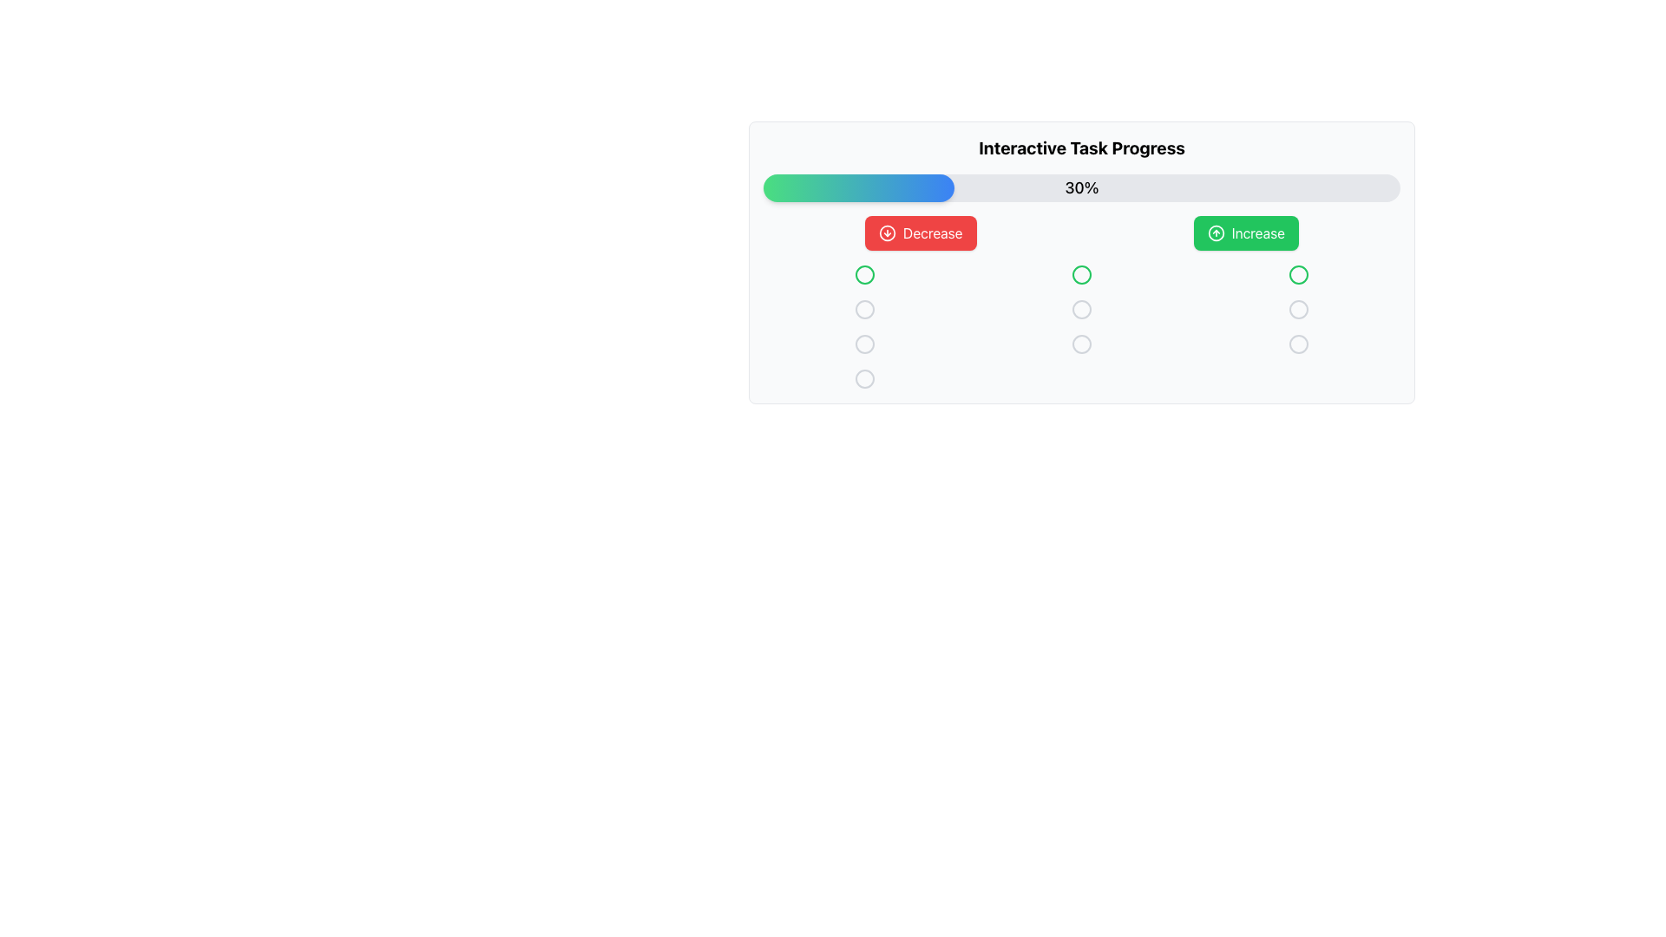 The height and width of the screenshot is (937, 1666). What do you see at coordinates (865, 273) in the screenshot?
I see `the state of the first circular graphical indicator or button in the grid located below the progress bar and action buttons` at bounding box center [865, 273].